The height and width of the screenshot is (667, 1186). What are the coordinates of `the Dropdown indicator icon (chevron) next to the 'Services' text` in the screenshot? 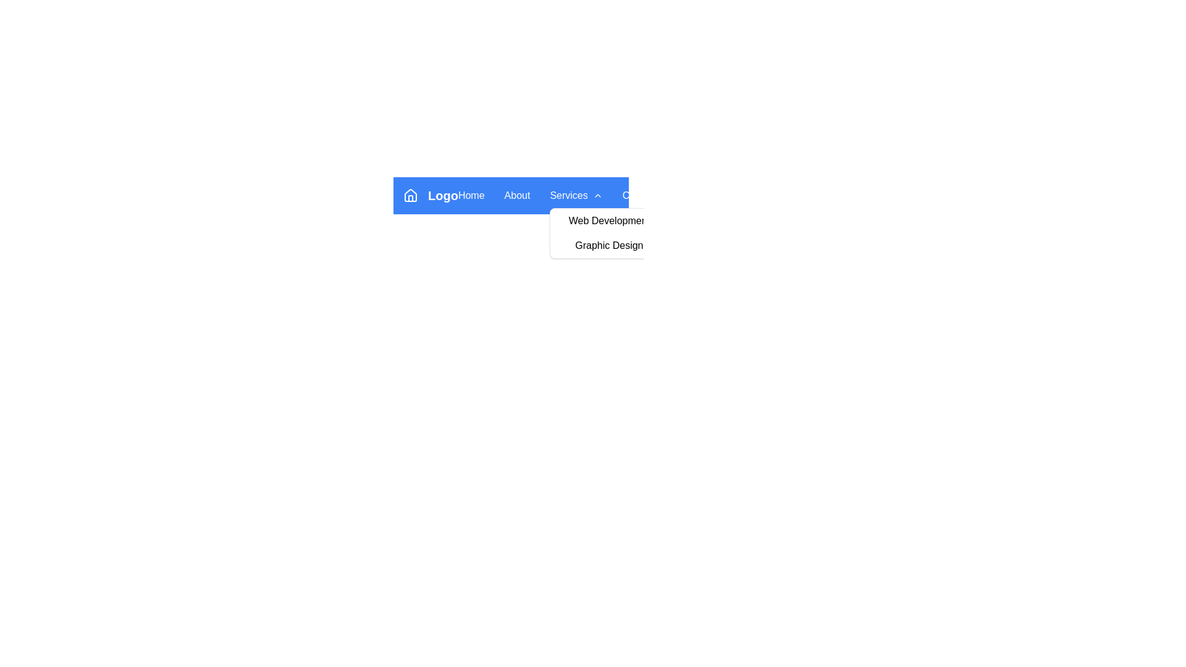 It's located at (597, 195).